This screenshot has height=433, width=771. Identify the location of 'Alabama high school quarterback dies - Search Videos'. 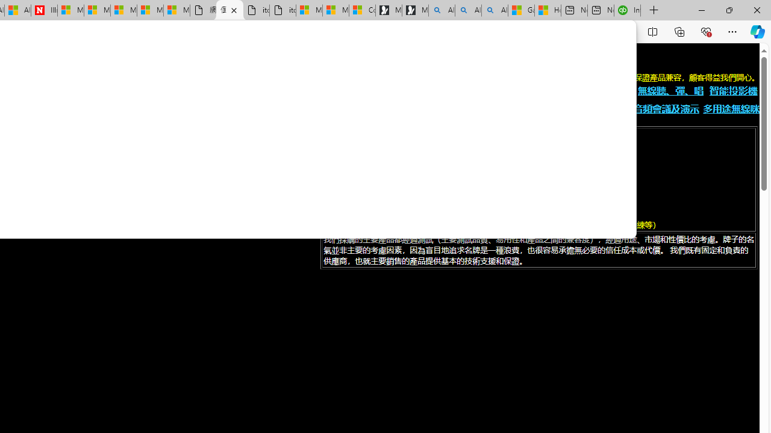
(495, 10).